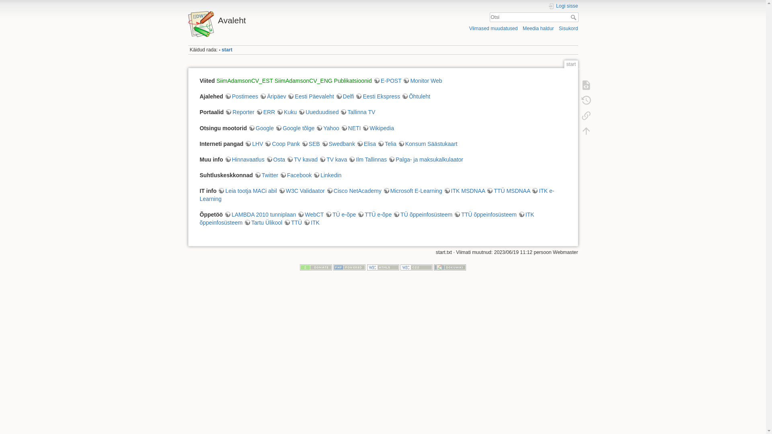  What do you see at coordinates (244, 160) in the screenshot?
I see `'Hinnavaatlus'` at bounding box center [244, 160].